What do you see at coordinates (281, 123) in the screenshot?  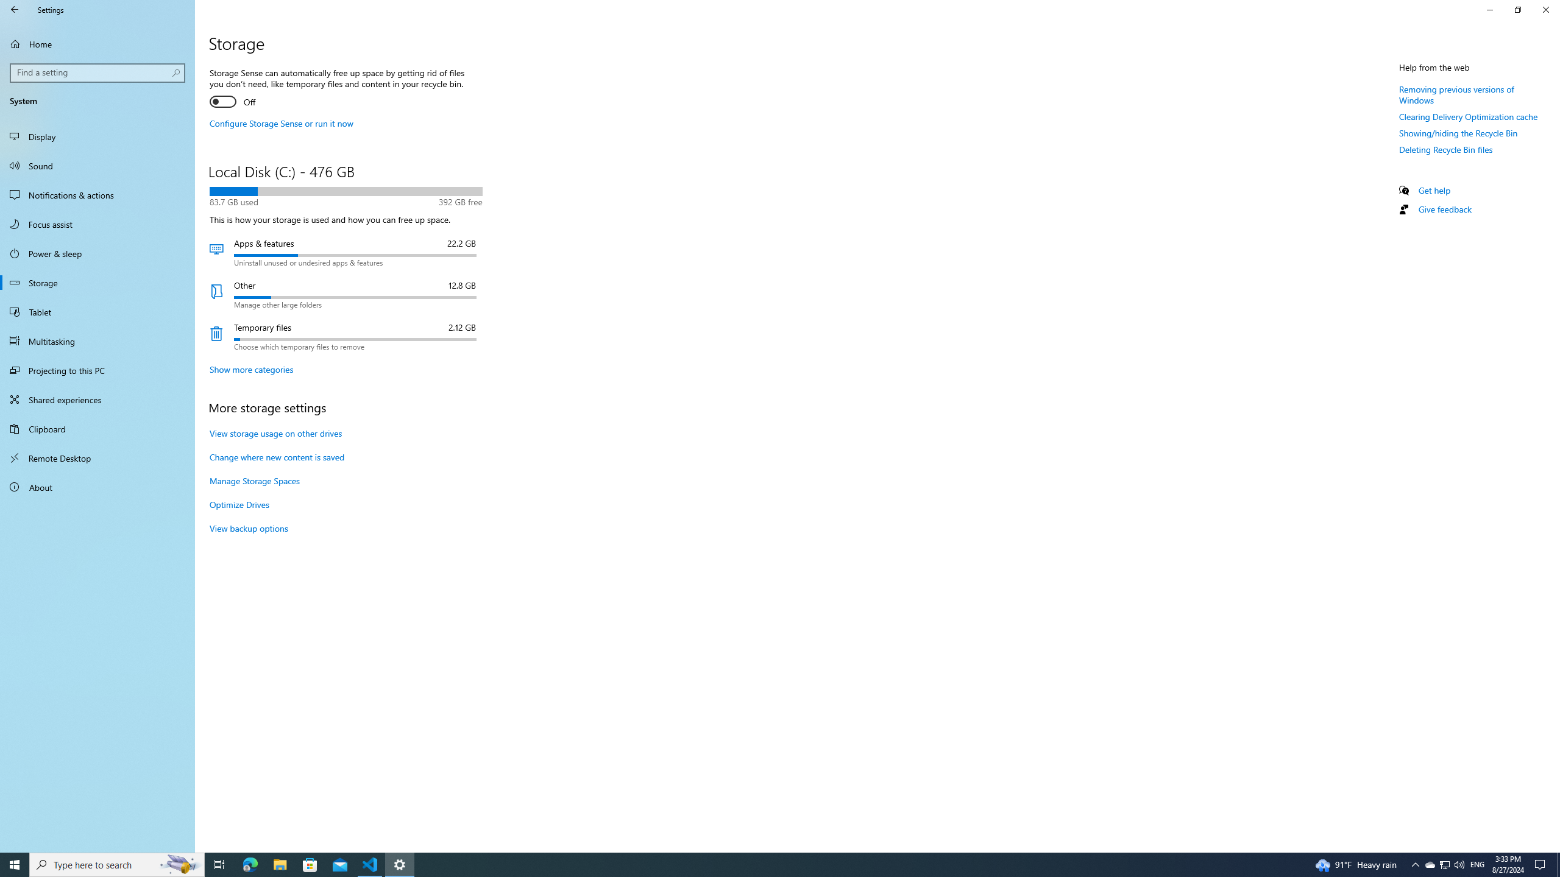 I see `'Configure Storage Sense or run it now'` at bounding box center [281, 123].